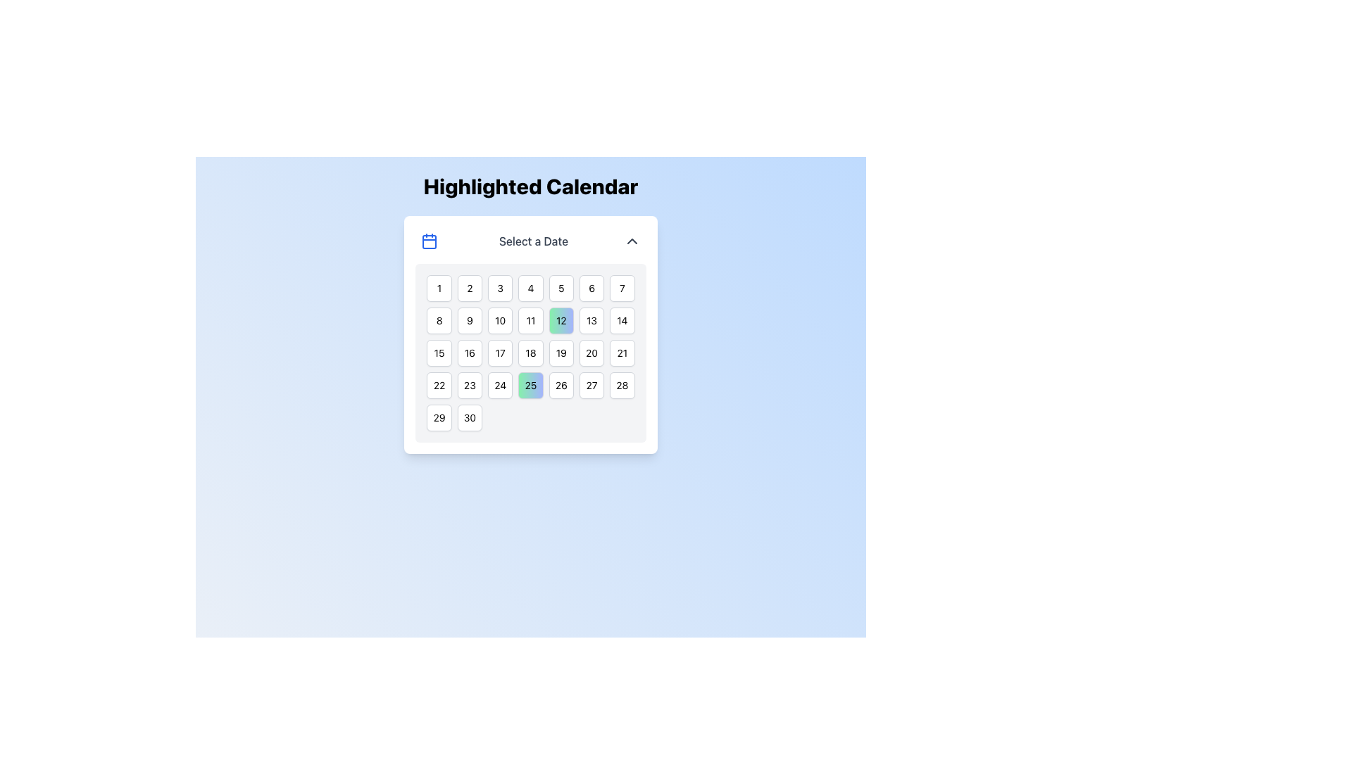 The width and height of the screenshot is (1352, 760). I want to click on the date selector button labeled '30' located in the bottom-right corner of the calendar grid, so click(470, 417).